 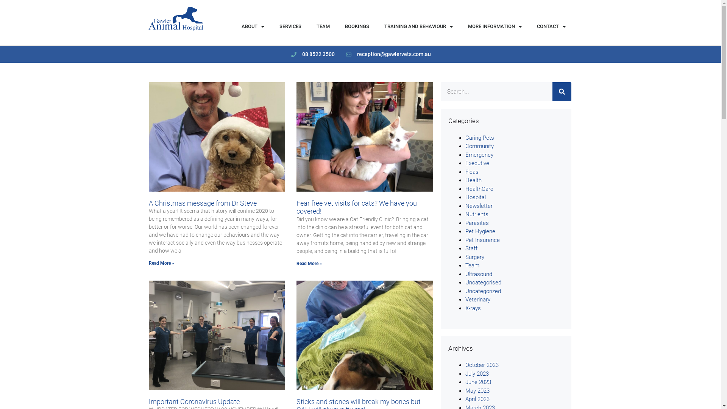 What do you see at coordinates (477, 390) in the screenshot?
I see `'May 2023'` at bounding box center [477, 390].